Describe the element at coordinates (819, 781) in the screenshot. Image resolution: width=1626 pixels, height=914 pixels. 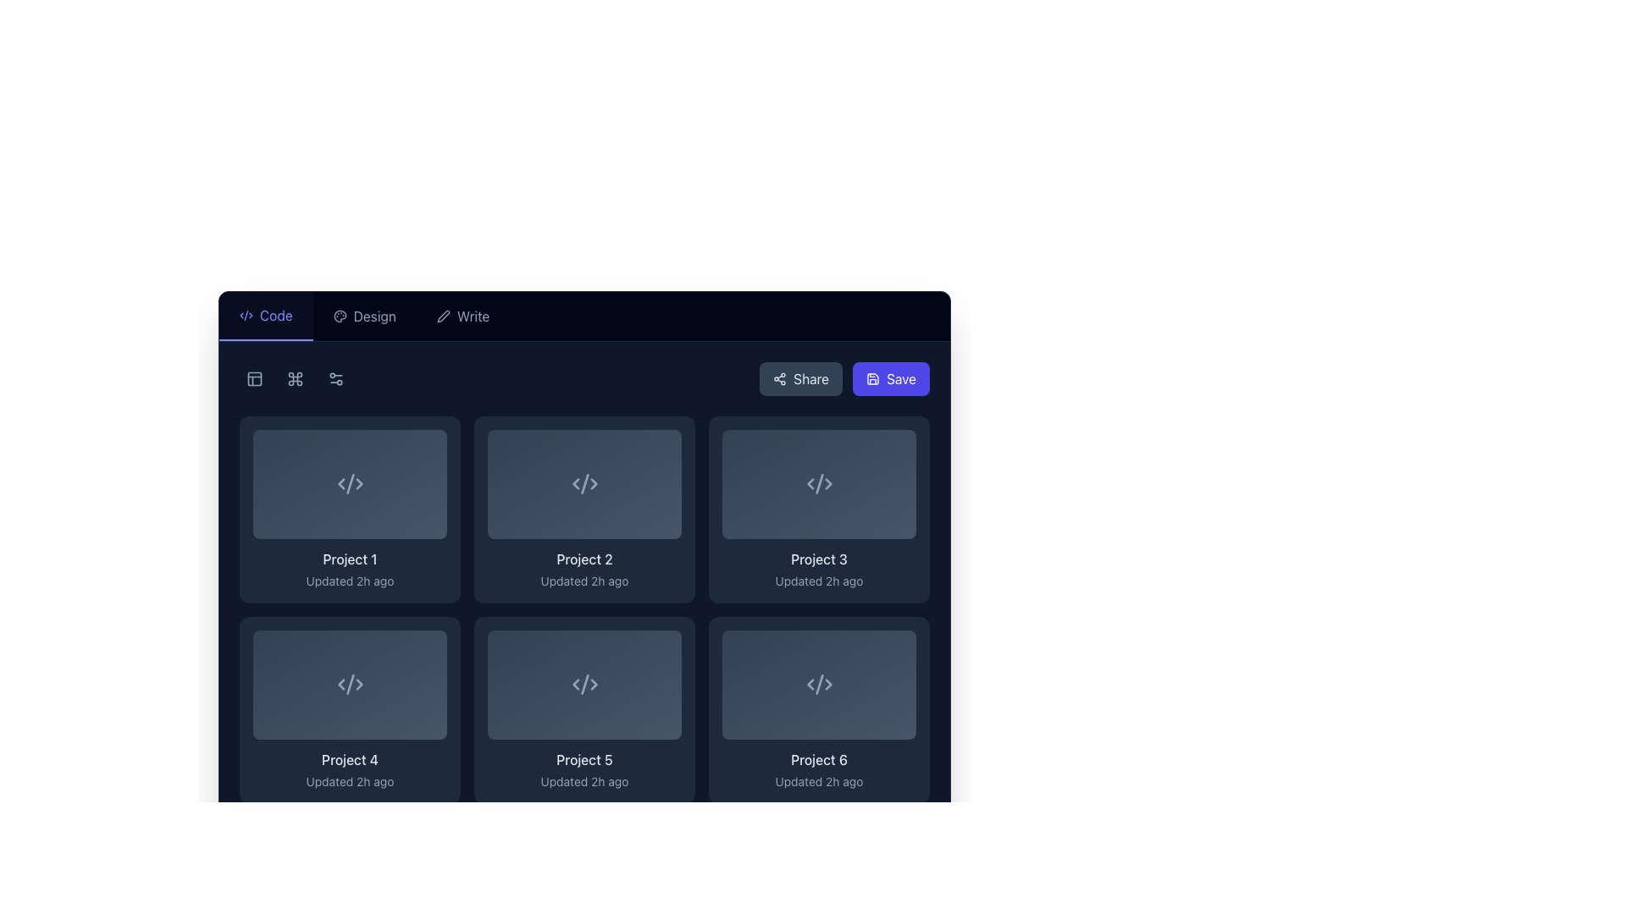
I see `the text label that reads 'Updated 2h ago', located beneath the title 'Project 6' within the card labeled 'Project 6'` at that location.